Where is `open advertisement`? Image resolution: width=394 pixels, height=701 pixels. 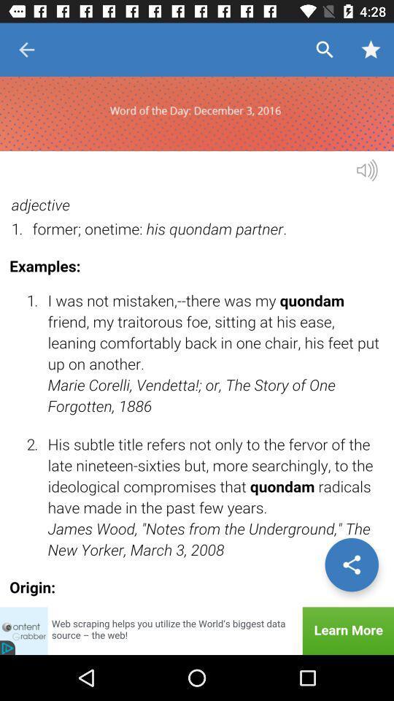
open advertisement is located at coordinates (197, 630).